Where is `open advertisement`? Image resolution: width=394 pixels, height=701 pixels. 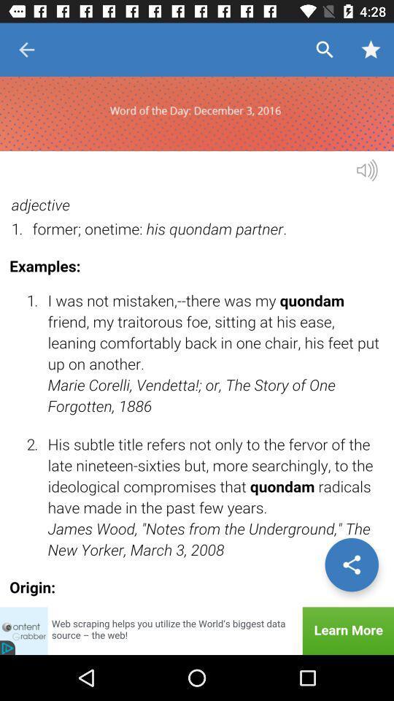
open advertisement is located at coordinates (197, 630).